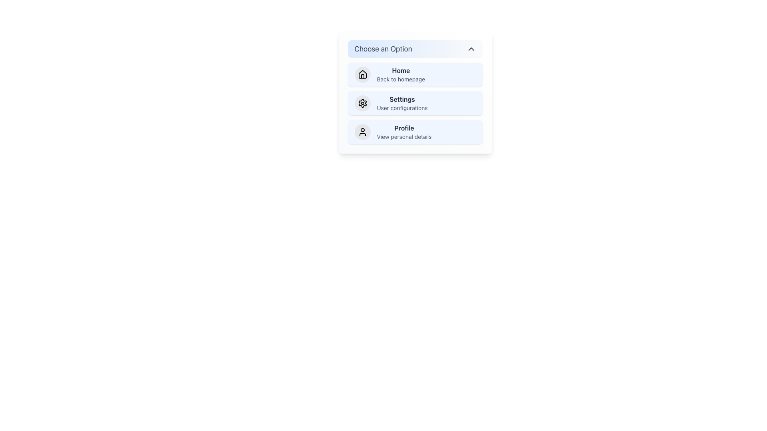 Image resolution: width=767 pixels, height=431 pixels. I want to click on the user profile vector icon, which is the third icon in a vertical menu, so click(362, 132).